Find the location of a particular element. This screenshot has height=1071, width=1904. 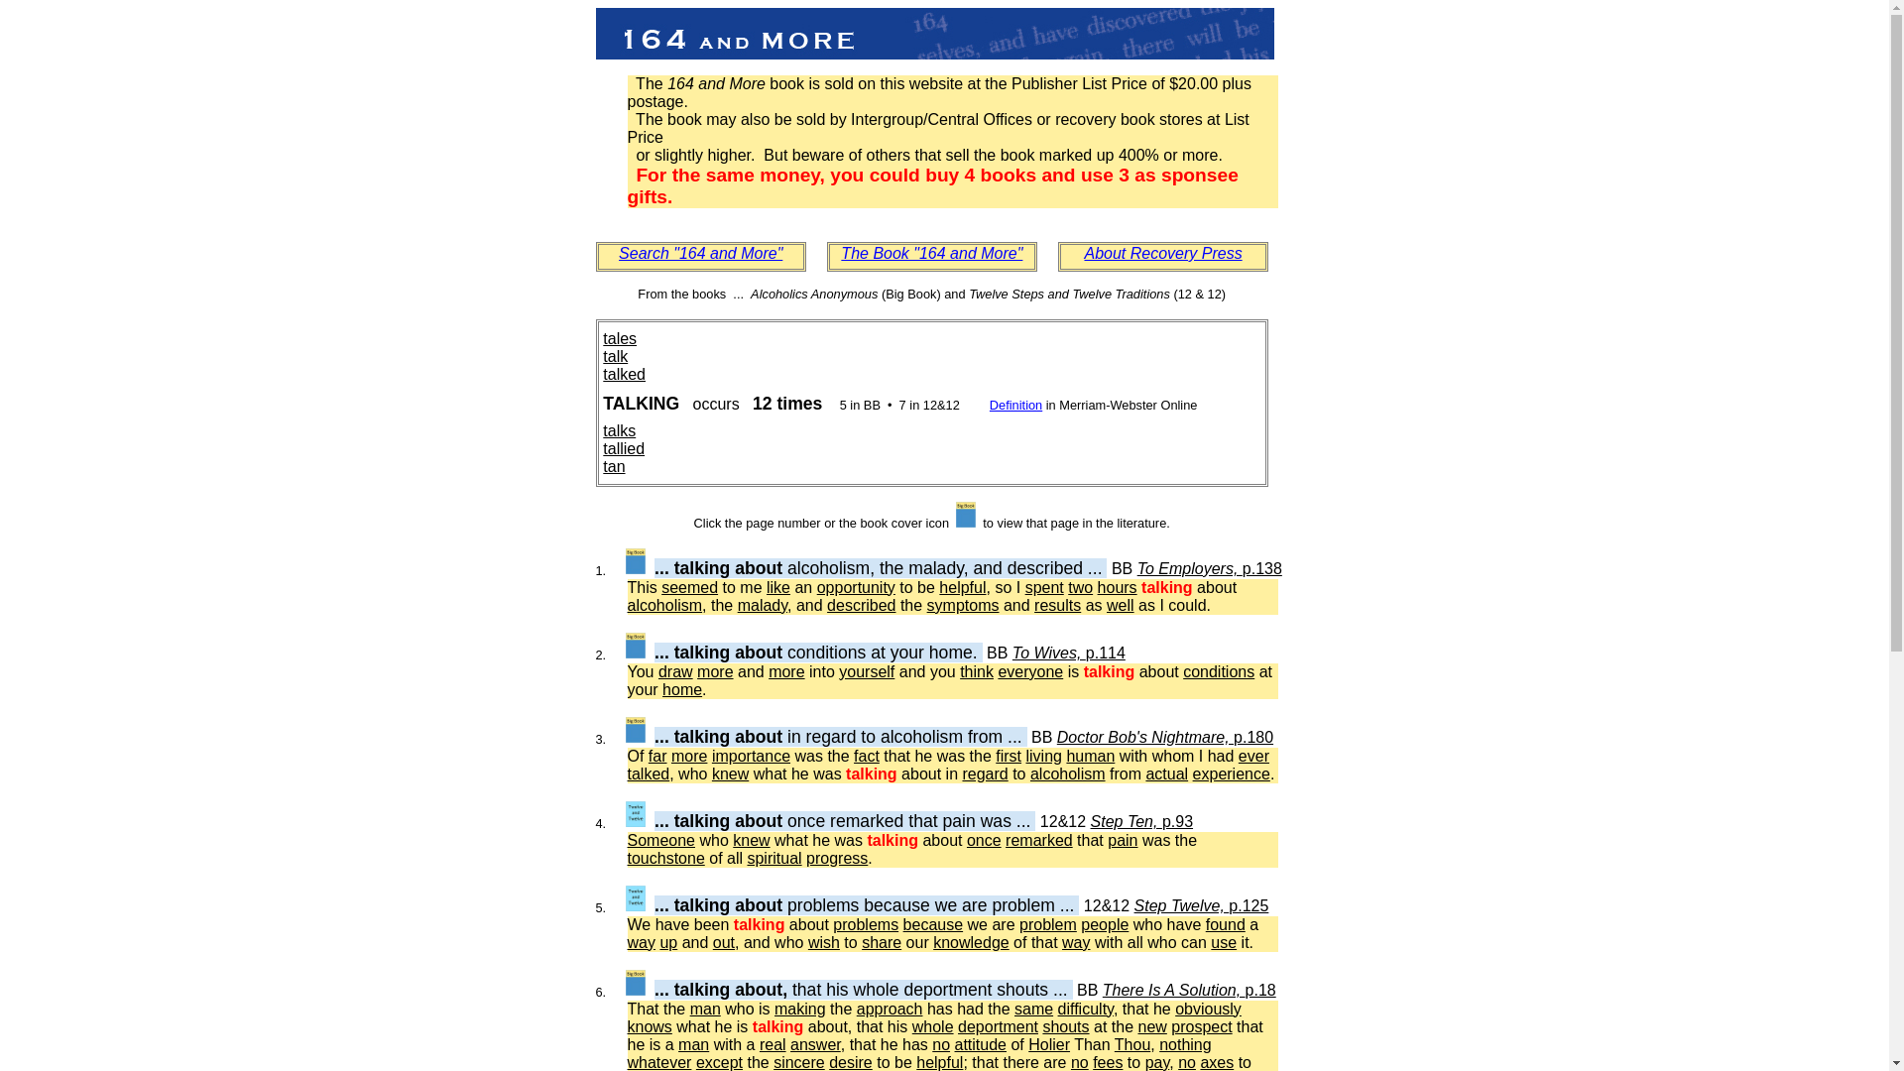

'malady' is located at coordinates (761, 604).